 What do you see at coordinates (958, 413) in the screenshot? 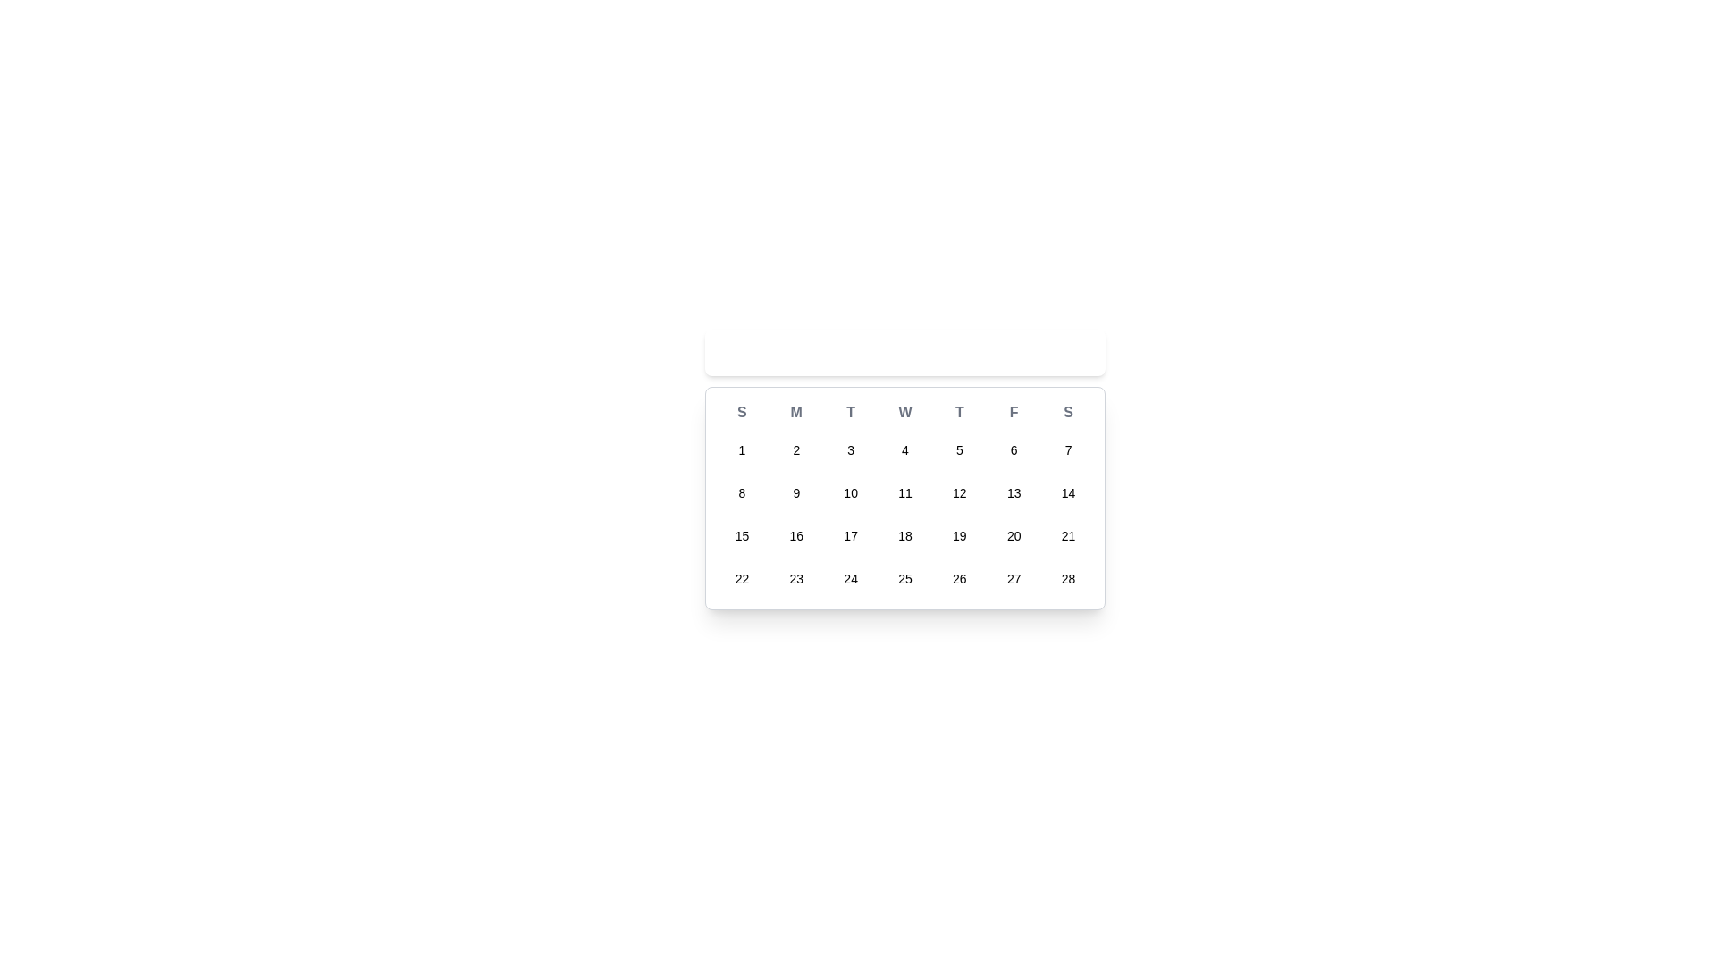
I see `the bold gray letter 'T' in the fifth column header of the calendar-like grid, positioned under the 'SMTWTFS' header` at bounding box center [958, 413].